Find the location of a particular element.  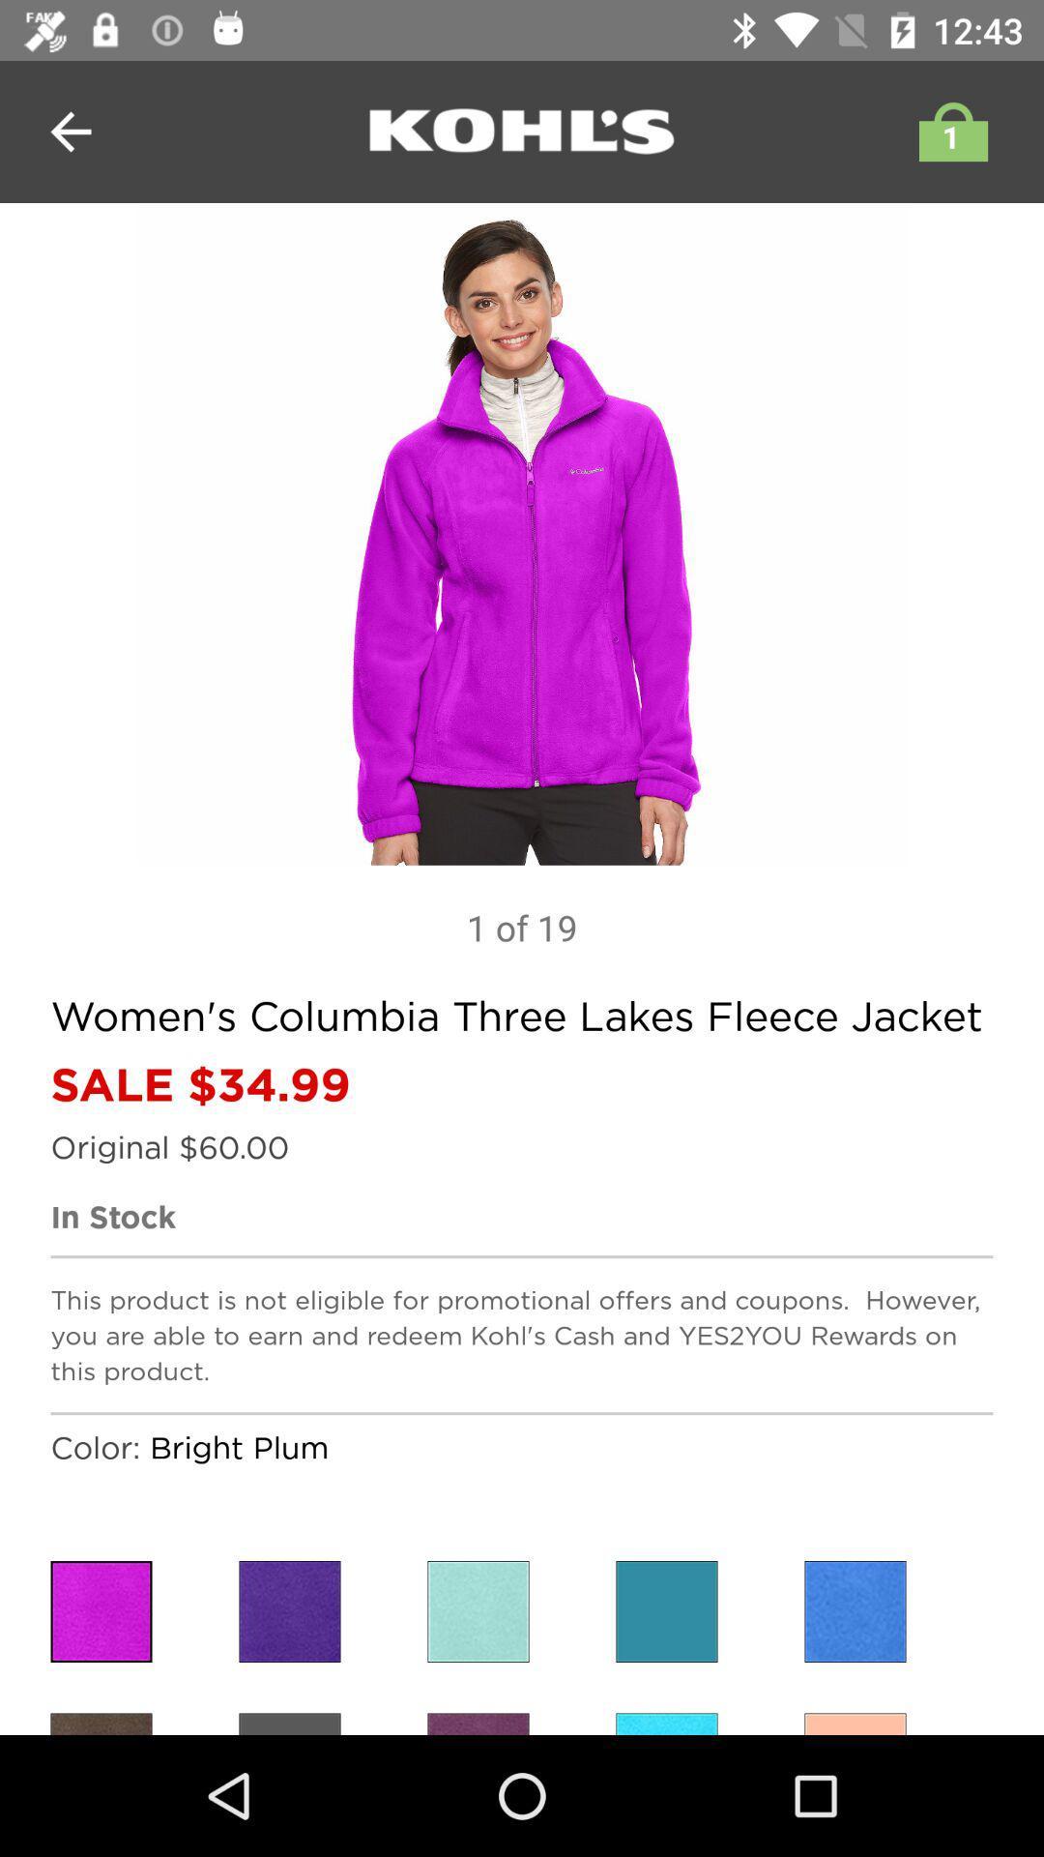

colour is located at coordinates (290, 1611).